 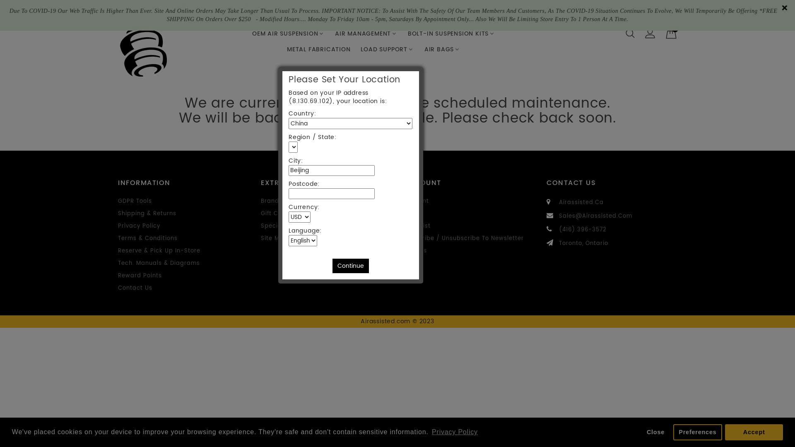 I want to click on 'GDPR Tools', so click(x=135, y=201).